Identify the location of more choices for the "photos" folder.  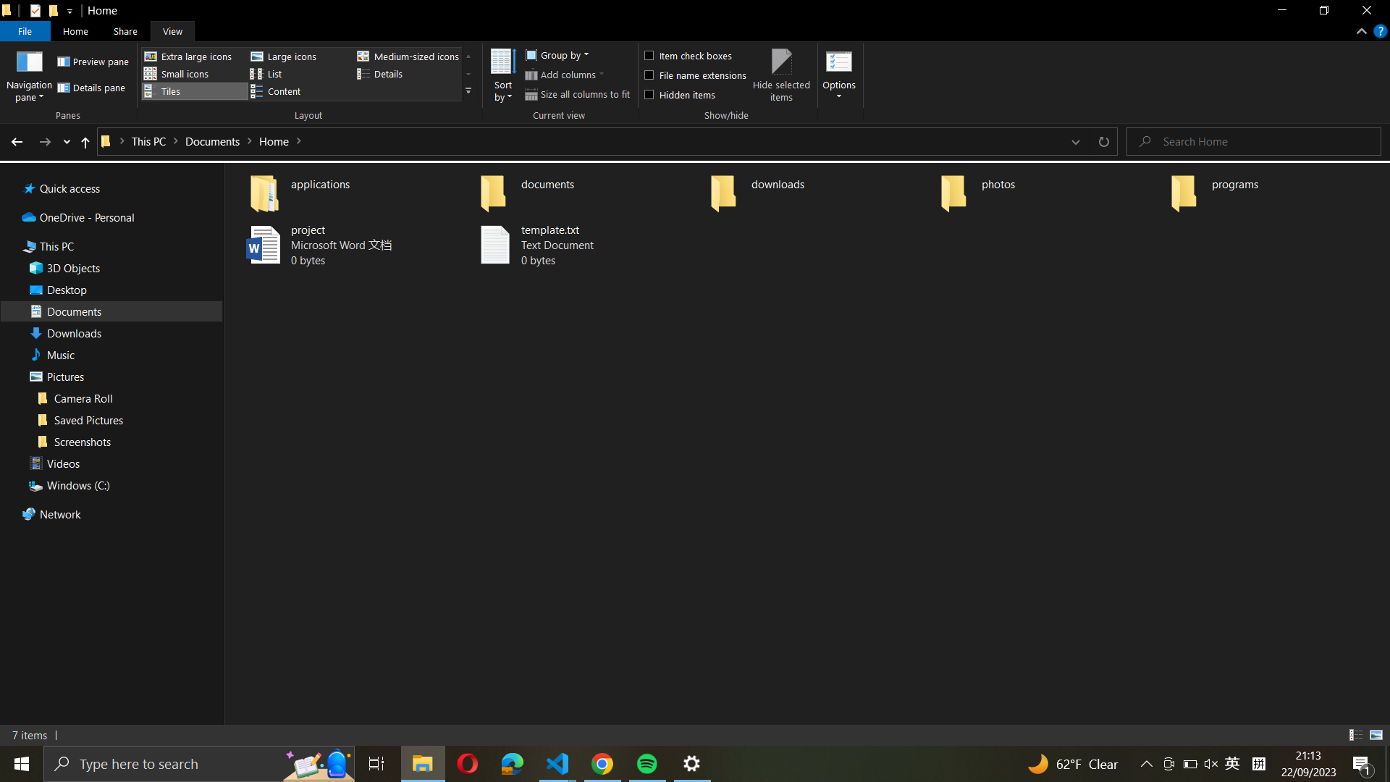
(1049, 189).